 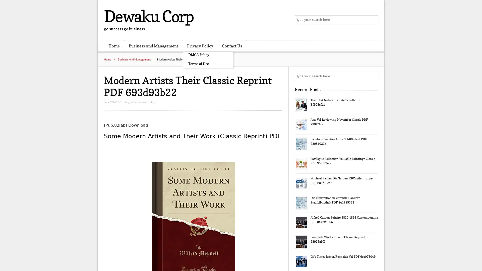 What do you see at coordinates (373, 76) in the screenshot?
I see `Search` at bounding box center [373, 76].